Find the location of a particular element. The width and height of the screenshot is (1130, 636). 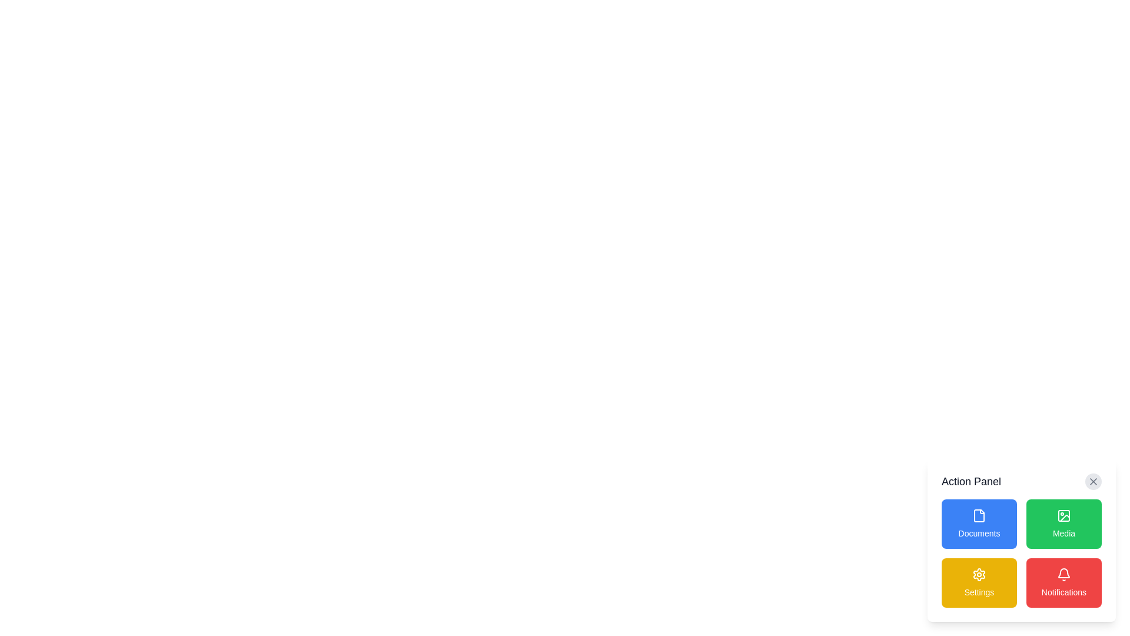

the 'Settings' icon located in the bright yellow box in the bottom-left corner of the Action Panel is located at coordinates (979, 574).